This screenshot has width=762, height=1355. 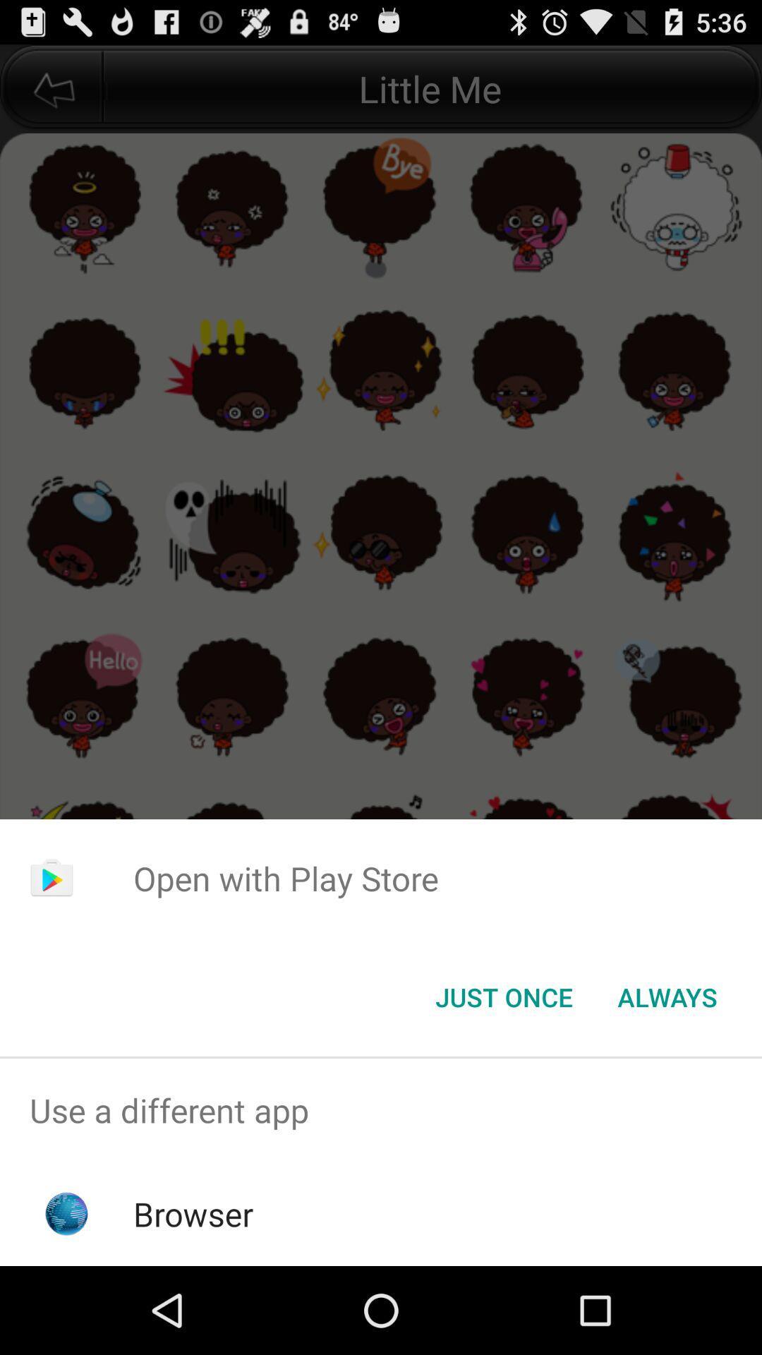 What do you see at coordinates (503, 996) in the screenshot?
I see `icon next to always icon` at bounding box center [503, 996].